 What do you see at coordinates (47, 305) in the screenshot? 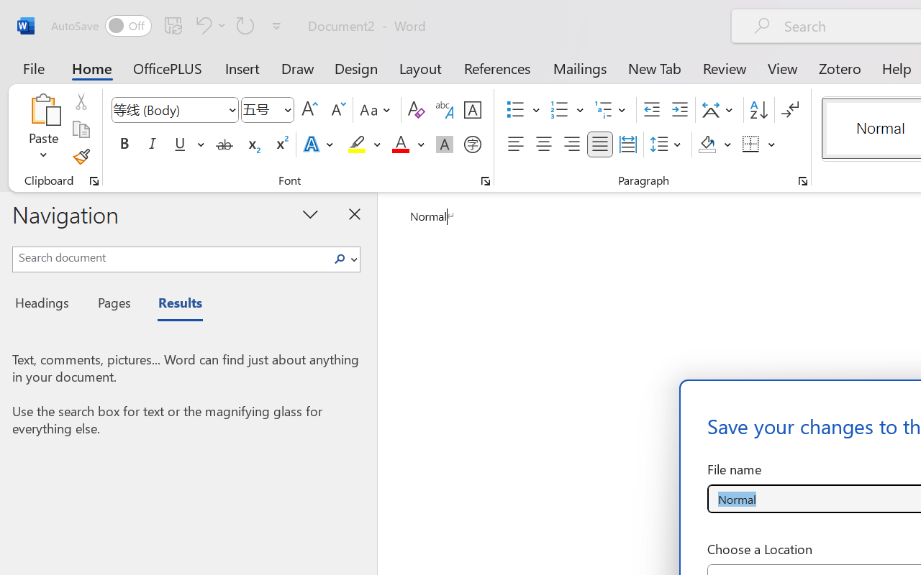
I see `'Headings'` at bounding box center [47, 305].